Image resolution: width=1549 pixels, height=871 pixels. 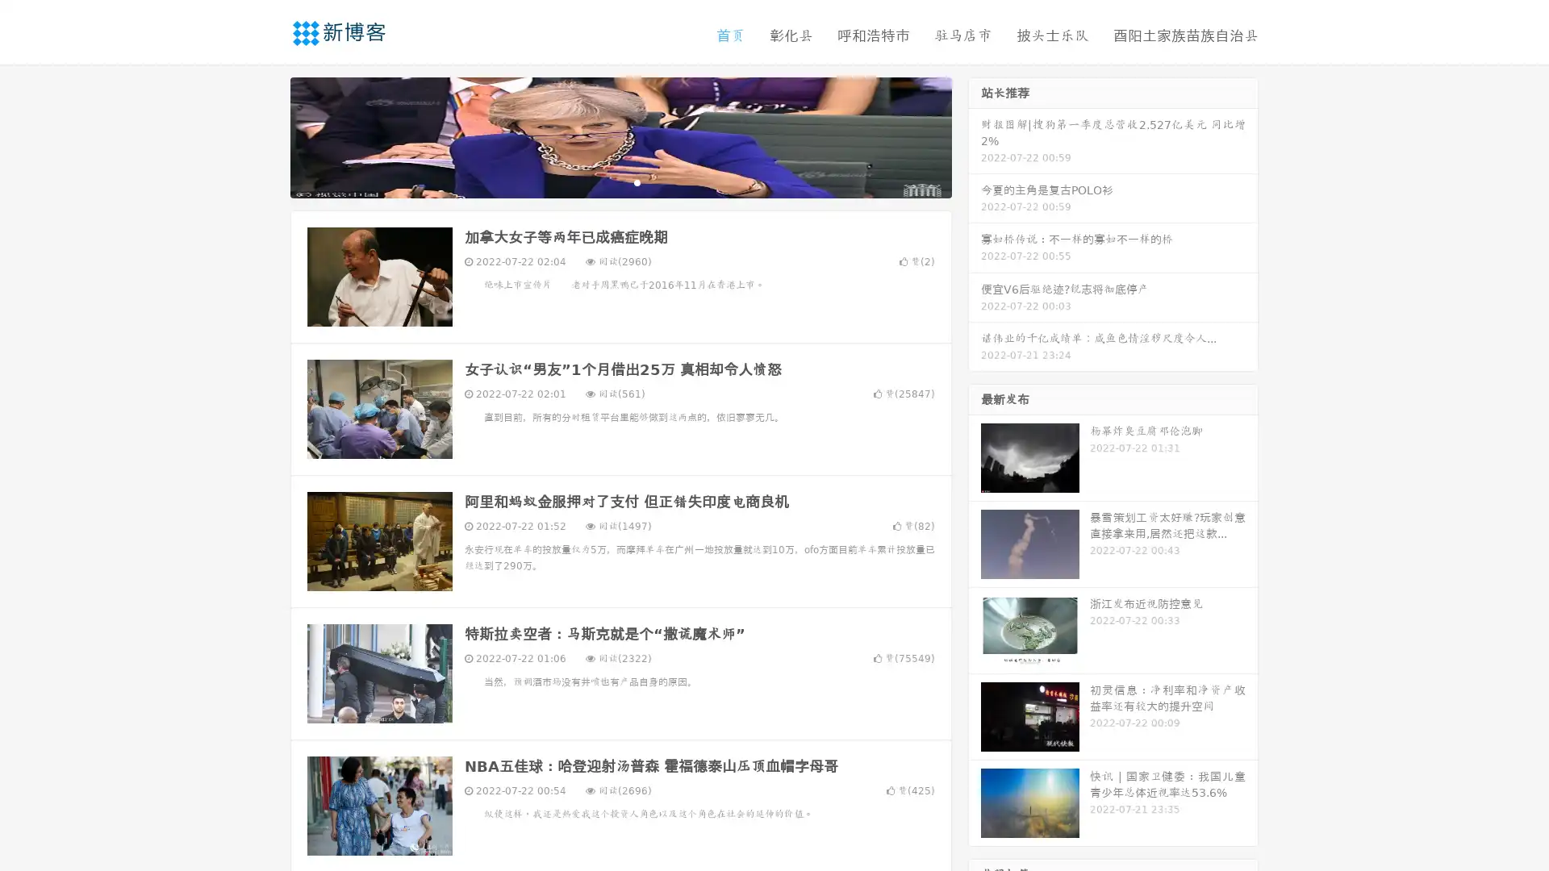 I want to click on Next slide, so click(x=975, y=135).